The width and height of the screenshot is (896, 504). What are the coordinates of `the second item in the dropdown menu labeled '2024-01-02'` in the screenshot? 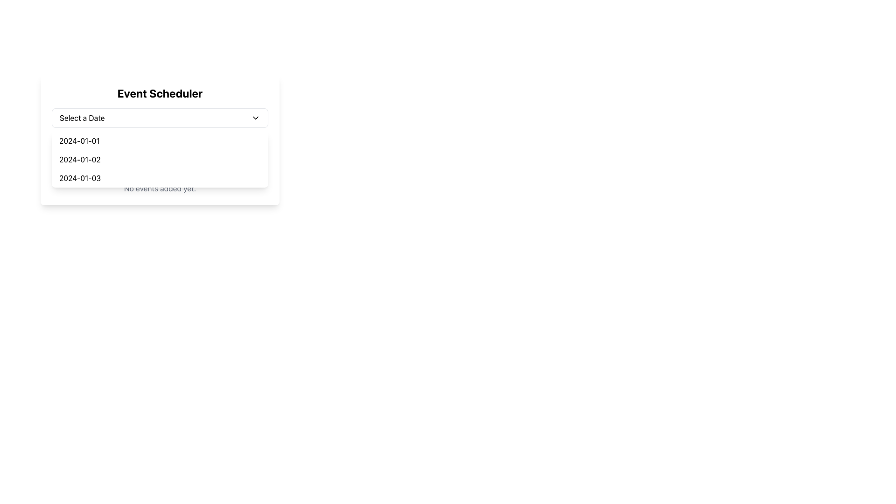 It's located at (160, 159).